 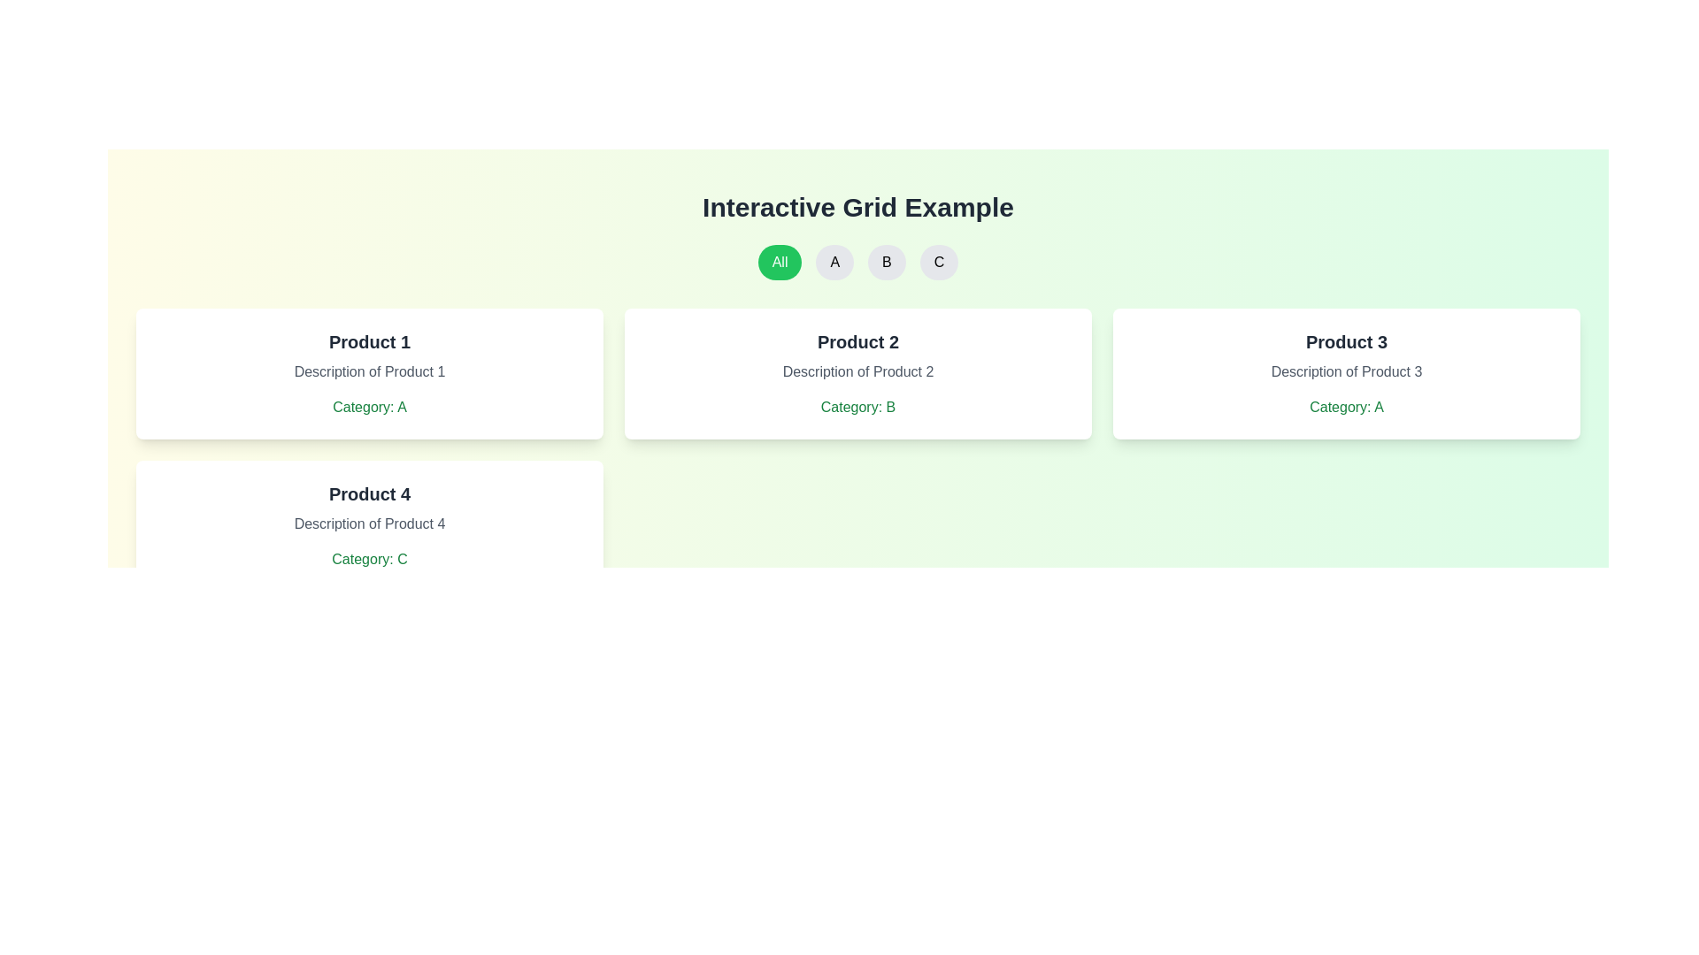 I want to click on the static text label that designates the category for 'Product 3', located at the bottom of the product card, so click(x=1345, y=408).